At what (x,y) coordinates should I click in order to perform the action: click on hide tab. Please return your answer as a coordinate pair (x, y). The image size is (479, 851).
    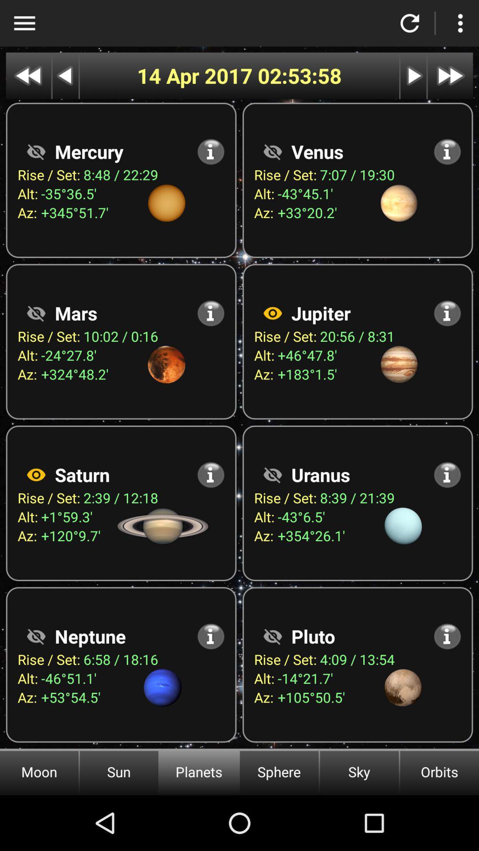
    Looking at the image, I should click on (272, 152).